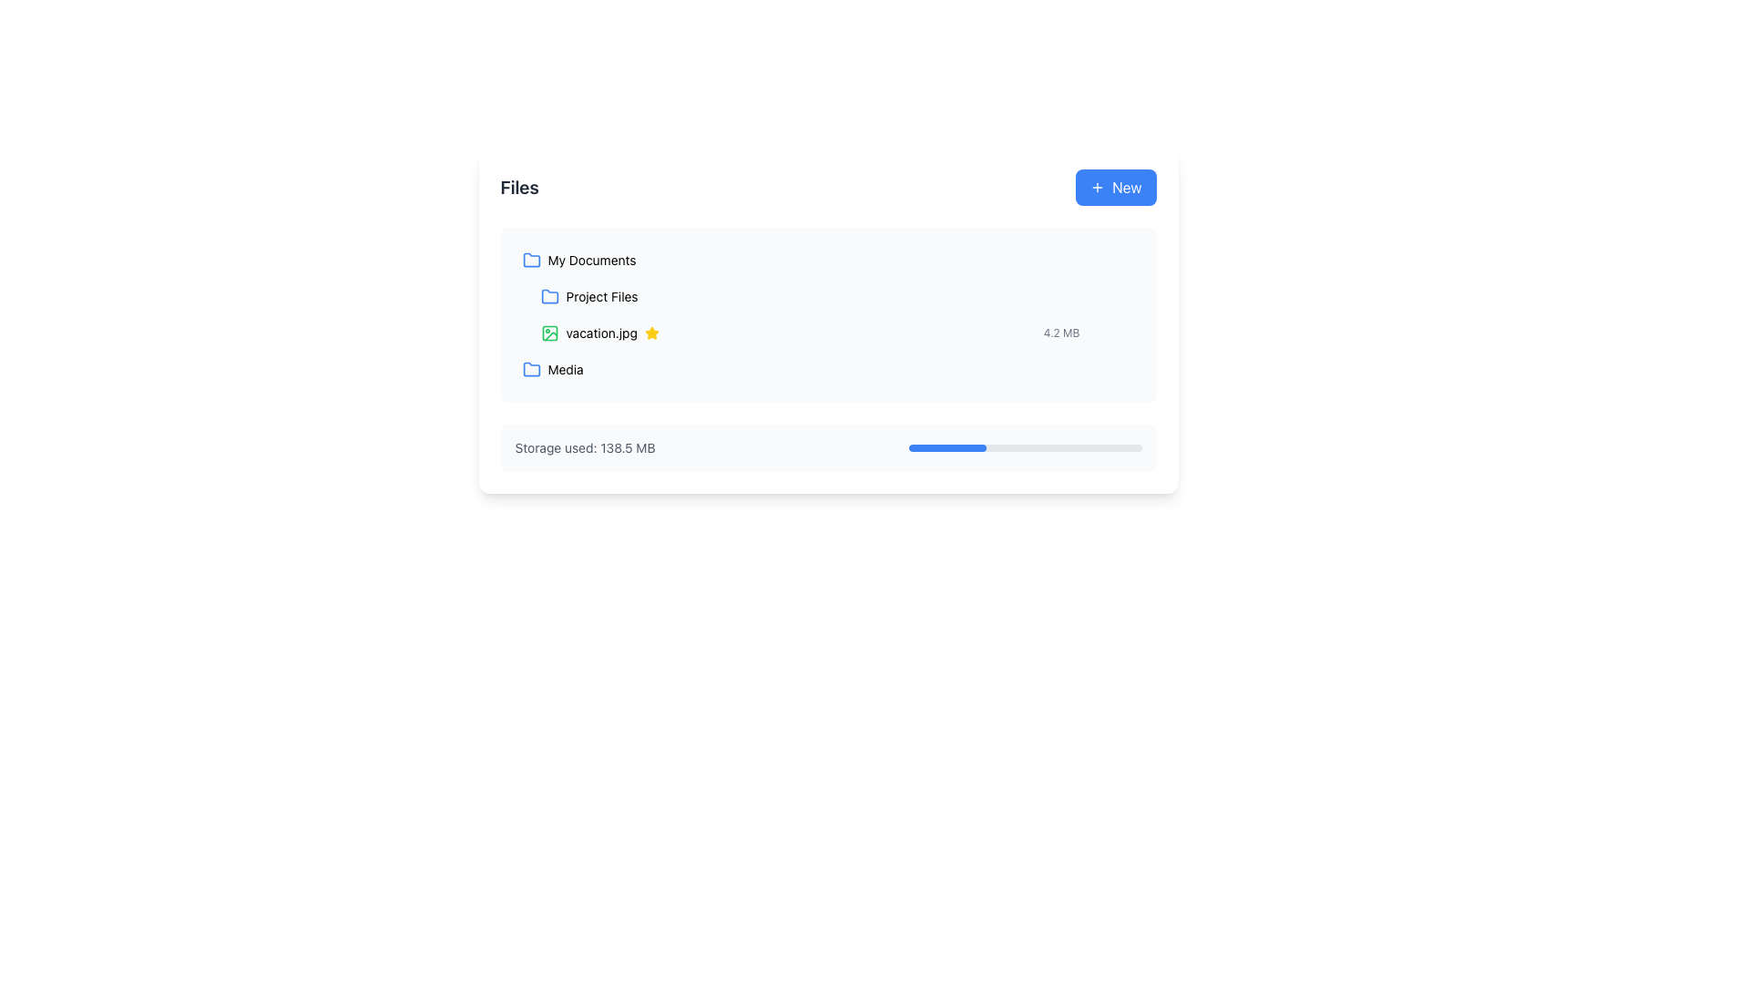  I want to click on the file list item displaying the file name 'vacation.jpg', so click(792, 333).